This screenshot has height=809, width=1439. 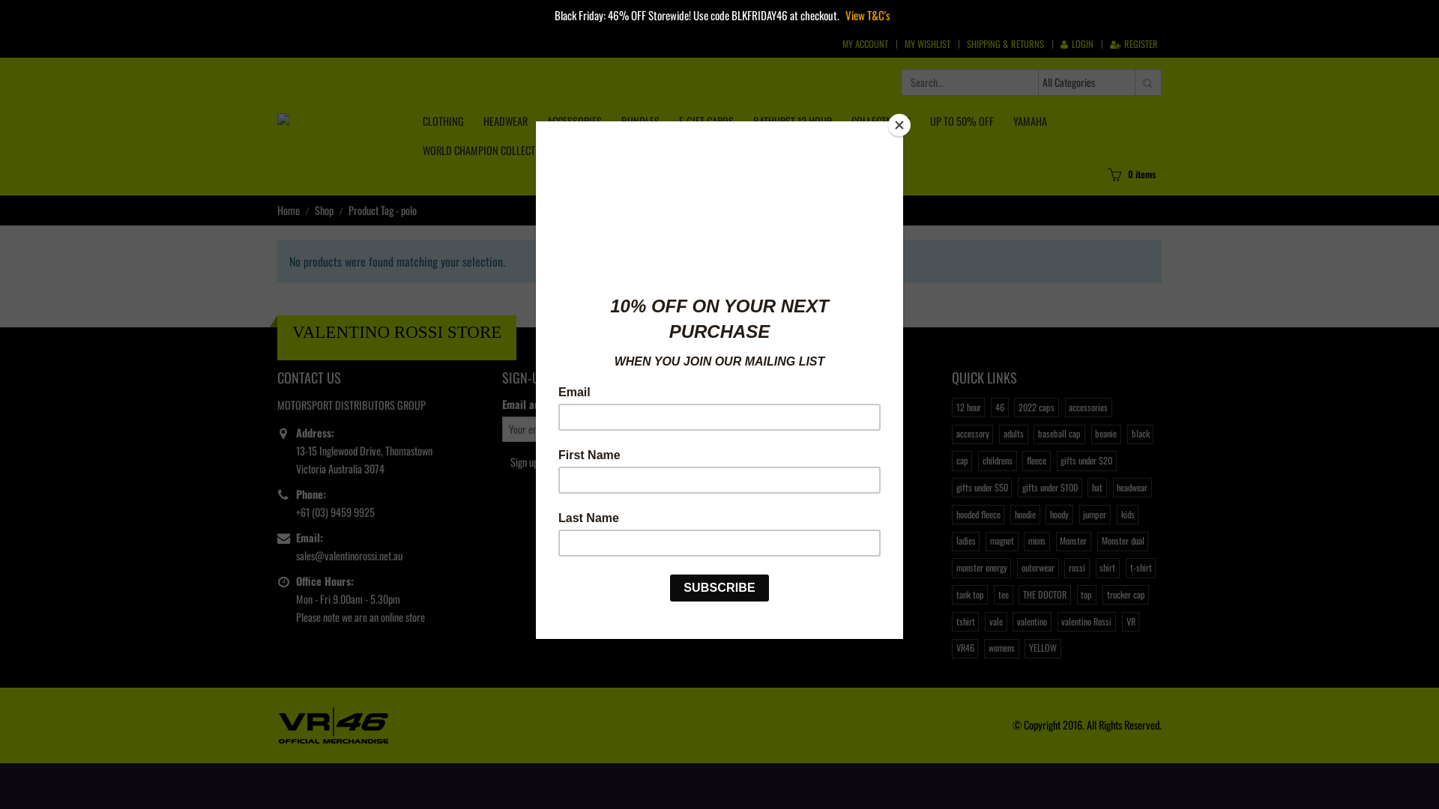 What do you see at coordinates (968, 407) in the screenshot?
I see `'12 hour'` at bounding box center [968, 407].